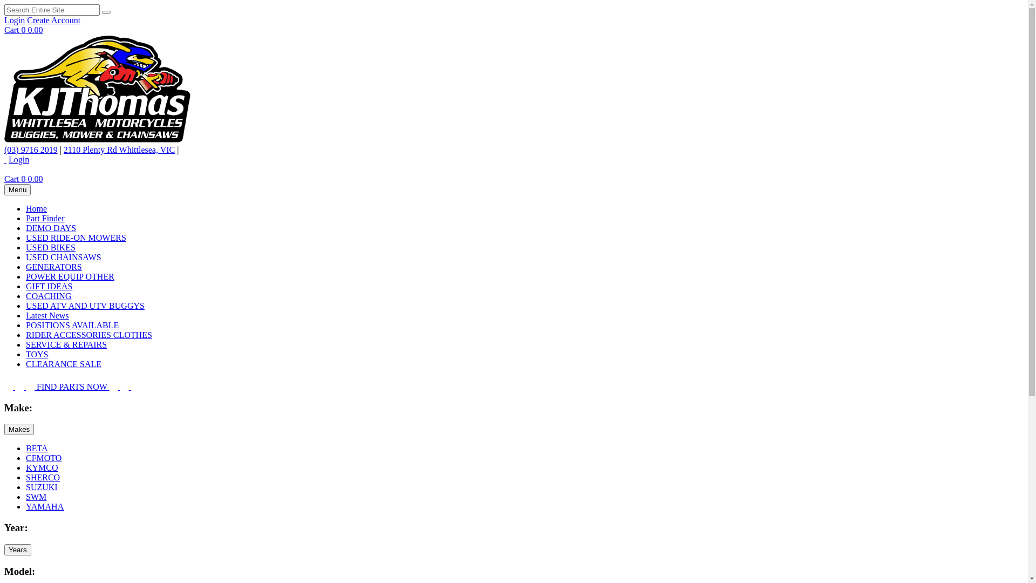 This screenshot has height=583, width=1036. Describe the element at coordinates (49, 286) in the screenshot. I see `'GIFT IDEAS'` at that location.